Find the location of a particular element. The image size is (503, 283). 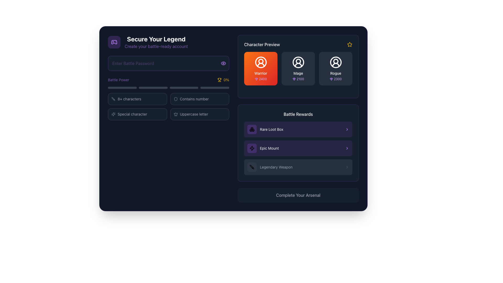

the 'Battle Power' text label, which is styled in purple on a dark background and is positioned near the top-left section of the layout, adjacent to the '0%' percentage indicator is located at coordinates (118, 80).